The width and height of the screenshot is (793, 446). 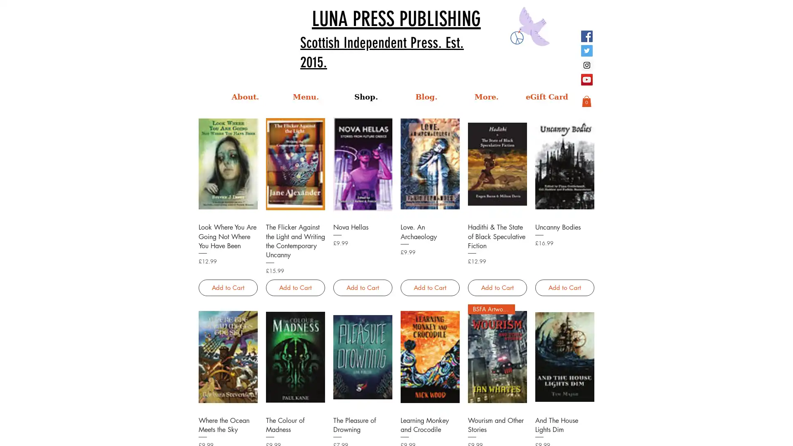 What do you see at coordinates (295, 226) in the screenshot?
I see `Quick View` at bounding box center [295, 226].